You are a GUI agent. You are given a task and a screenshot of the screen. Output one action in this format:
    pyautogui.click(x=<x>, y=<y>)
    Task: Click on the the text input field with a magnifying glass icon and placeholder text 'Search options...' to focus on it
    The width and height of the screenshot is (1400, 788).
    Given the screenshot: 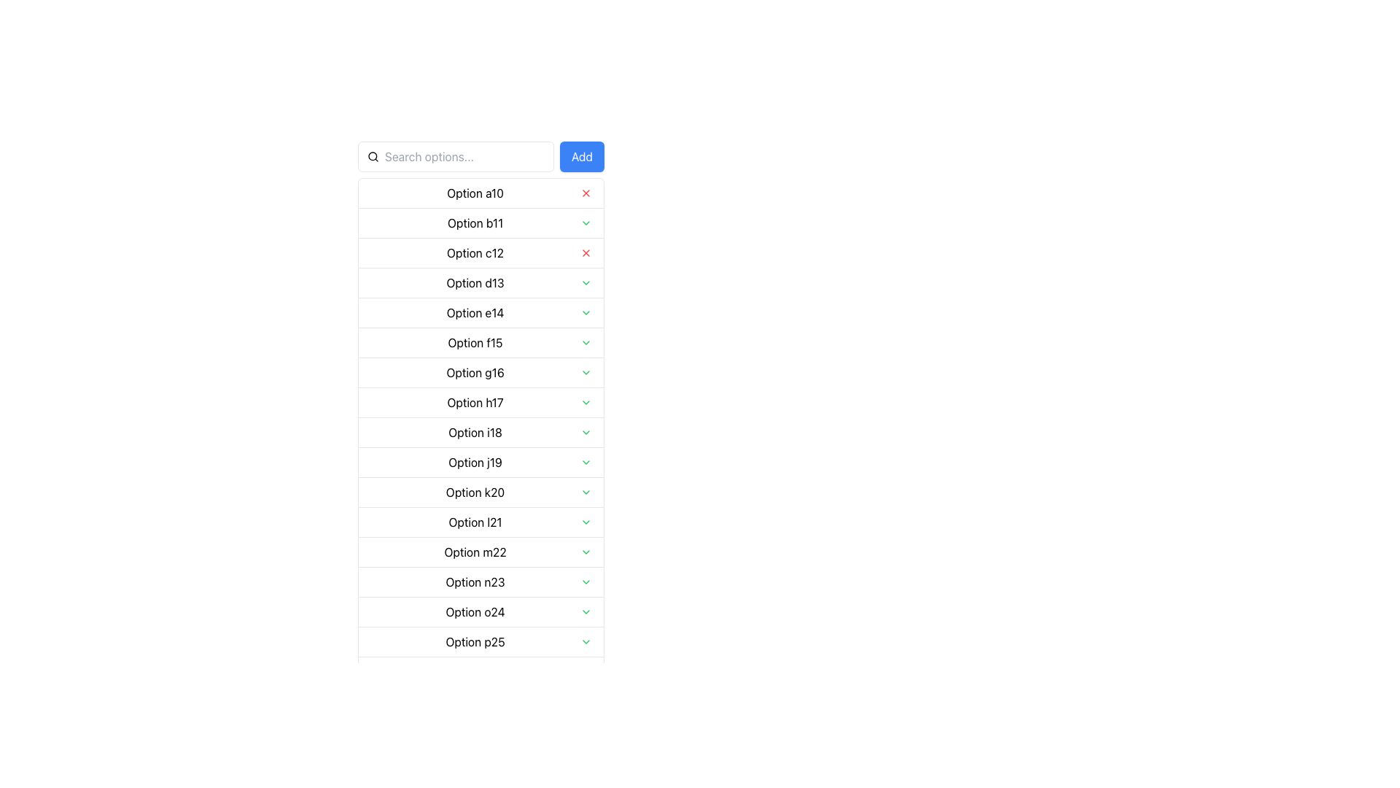 What is the action you would take?
    pyautogui.click(x=455, y=157)
    